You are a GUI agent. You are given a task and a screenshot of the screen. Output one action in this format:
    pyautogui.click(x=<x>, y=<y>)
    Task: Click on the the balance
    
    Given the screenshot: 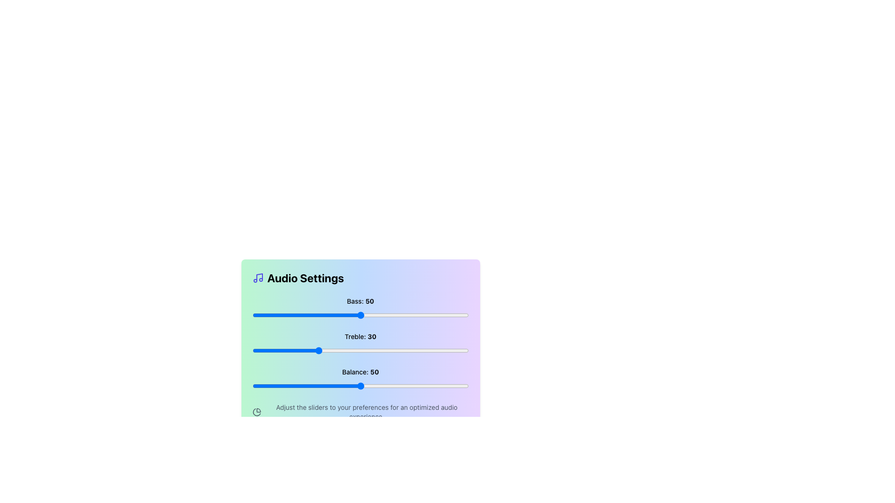 What is the action you would take?
    pyautogui.click(x=360, y=386)
    